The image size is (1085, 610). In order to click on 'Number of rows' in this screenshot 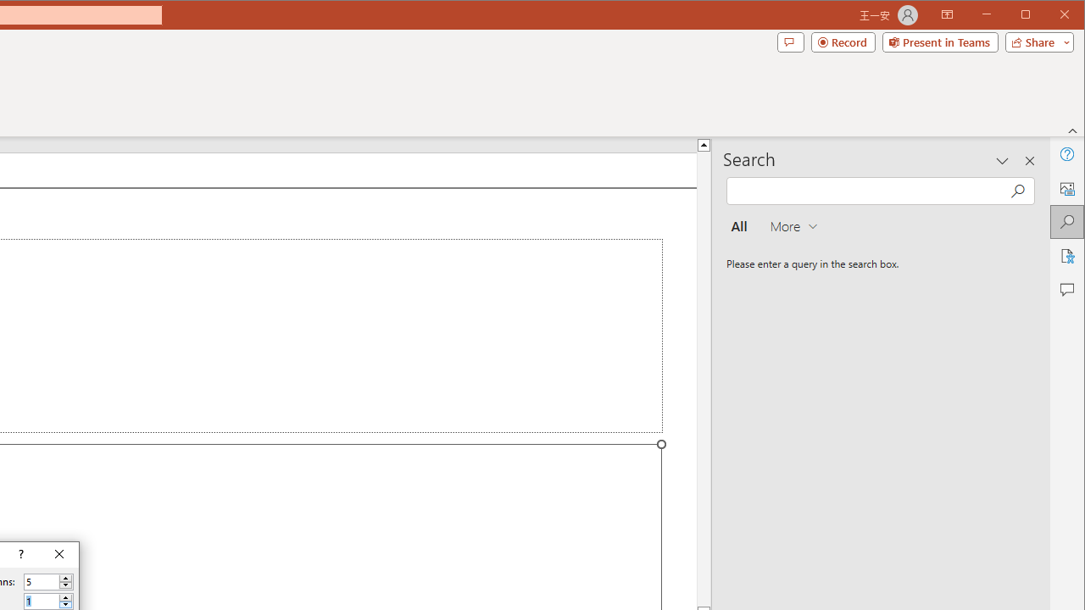, I will do `click(42, 601)`.